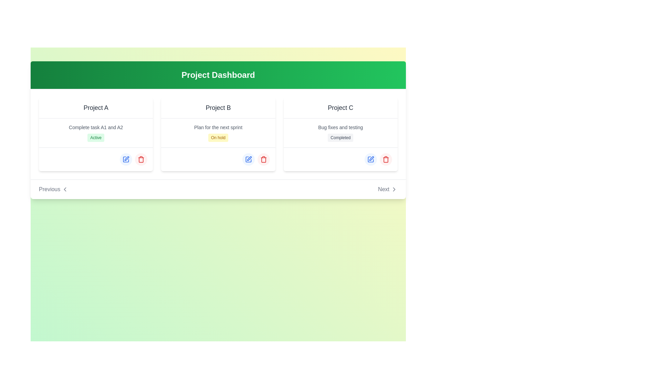 The height and width of the screenshot is (372, 661). What do you see at coordinates (263, 160) in the screenshot?
I see `the decorative vector graphic within the trash icon located in the lower right section of the 'Project B' card to indicate the delete functionality` at bounding box center [263, 160].